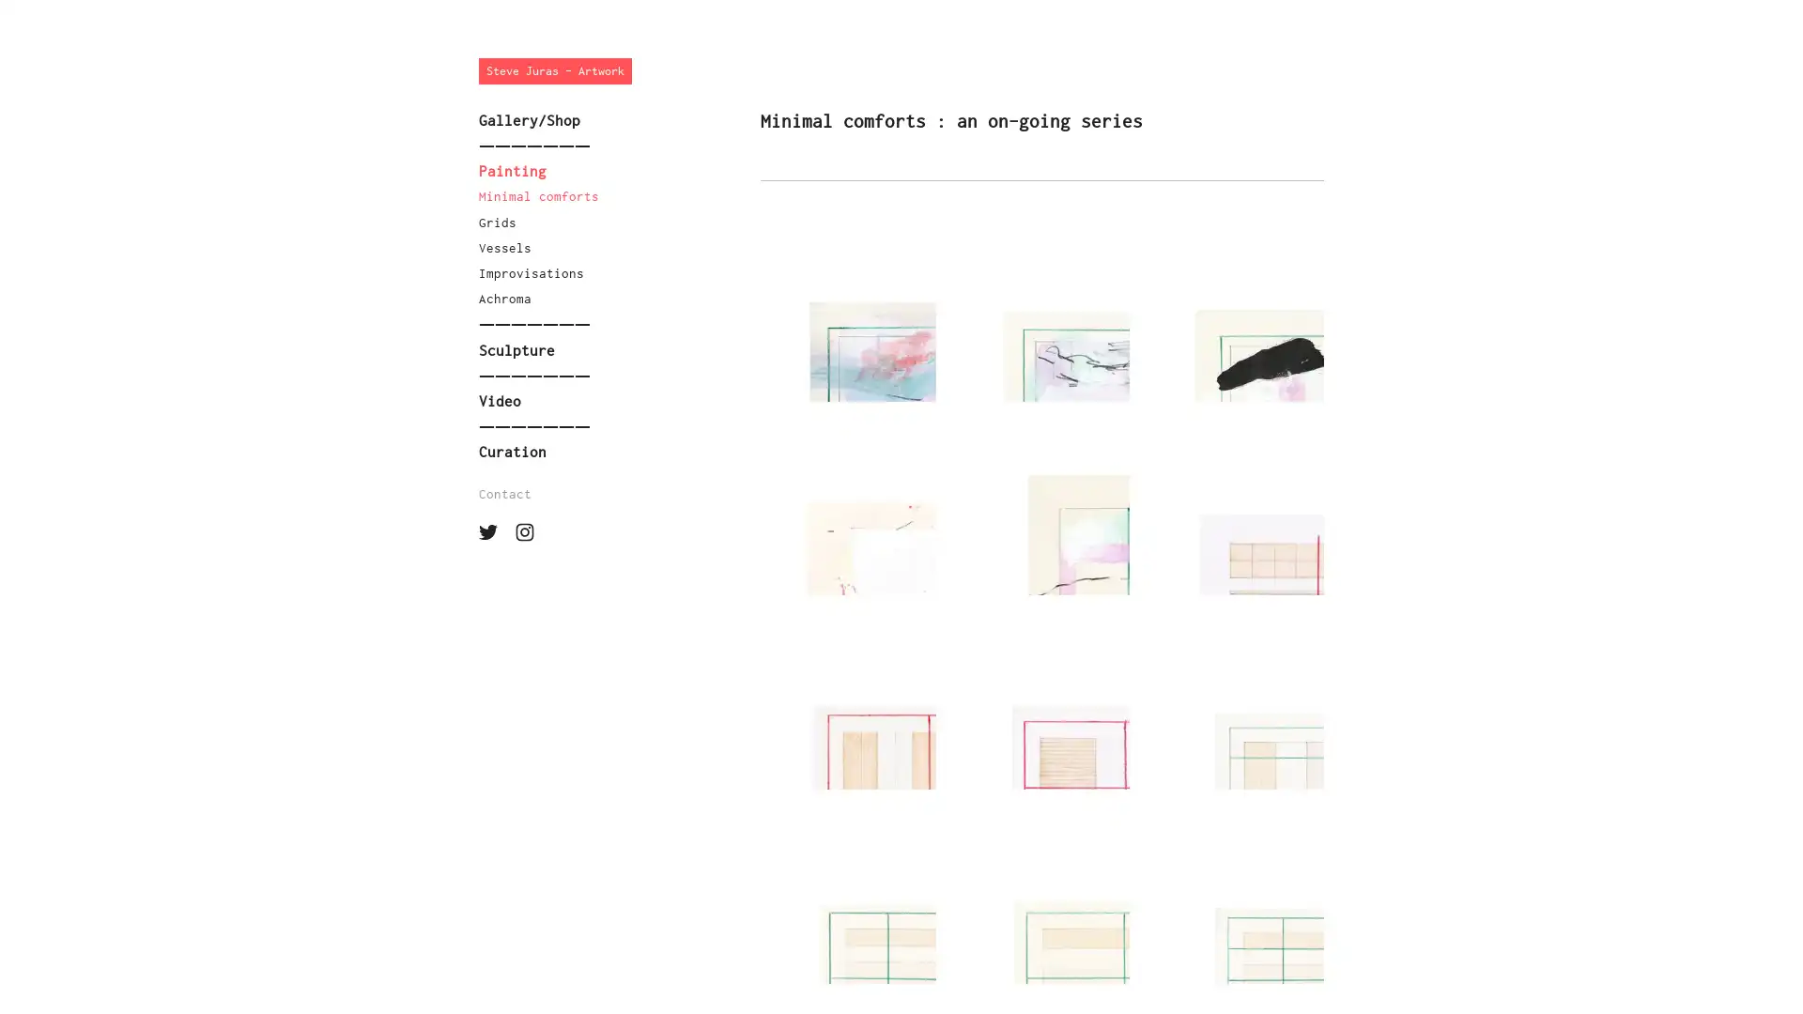 This screenshot has height=1014, width=1803. I want to click on View fullsize Gut feeling (04), so click(846, 524).